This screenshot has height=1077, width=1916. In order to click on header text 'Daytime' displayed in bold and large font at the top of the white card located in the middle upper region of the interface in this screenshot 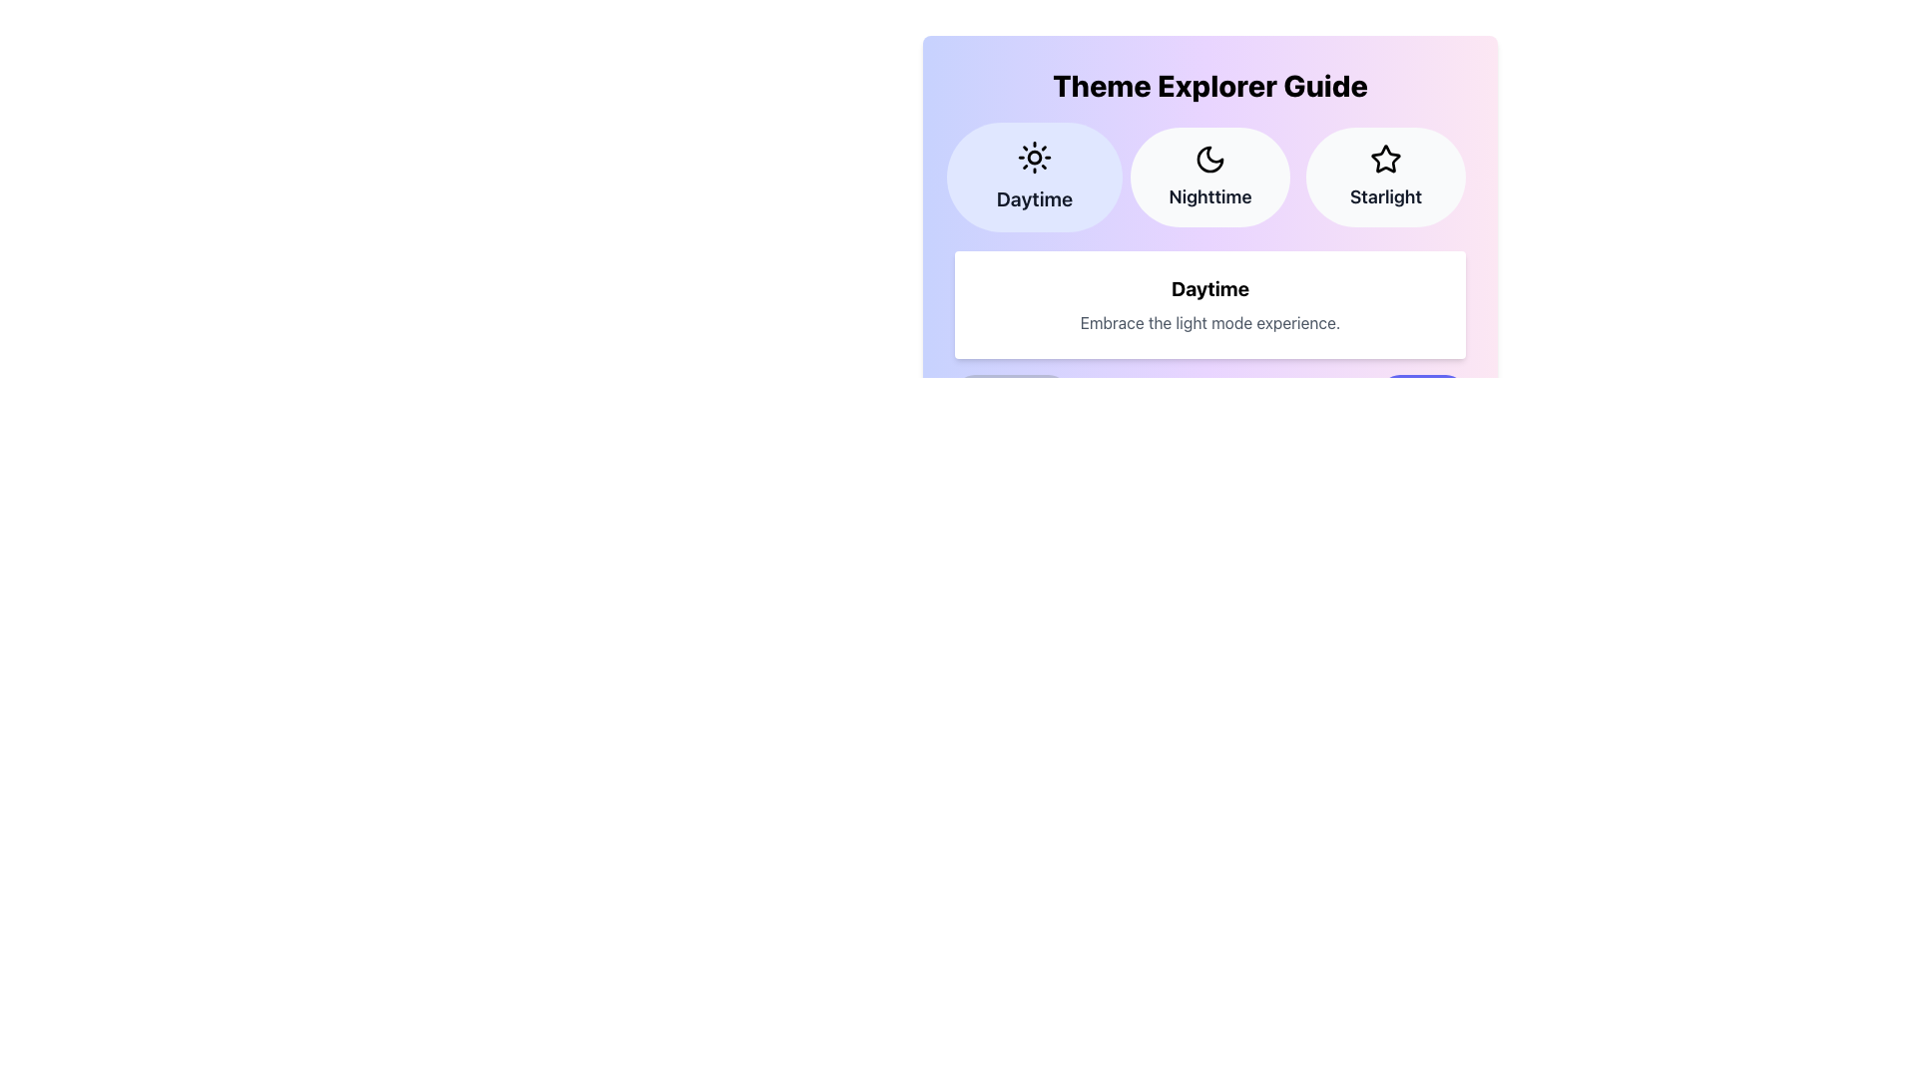, I will do `click(1209, 288)`.